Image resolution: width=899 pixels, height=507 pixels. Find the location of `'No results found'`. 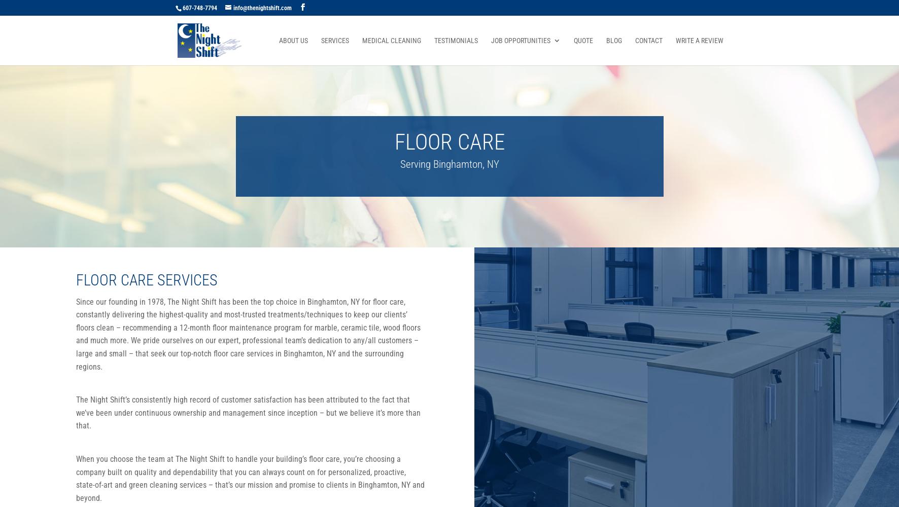

'No results found' is located at coordinates (100, 68).